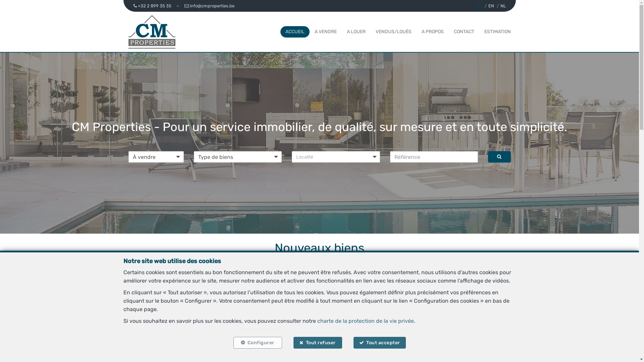  Describe the element at coordinates (463, 32) in the screenshot. I see `'CONTACT'` at that location.